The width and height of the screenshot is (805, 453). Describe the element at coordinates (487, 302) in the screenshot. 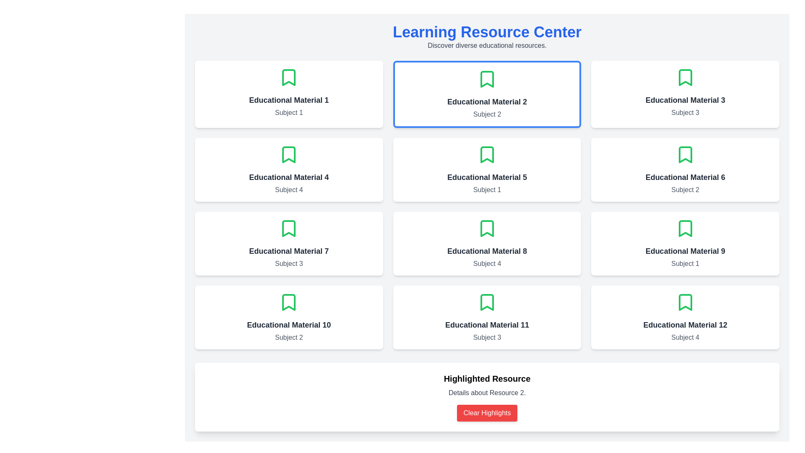

I see `the bookmark icon with a green outline located within the card labeled 'Educational Material 11', which is in the last row of the grid structure` at that location.